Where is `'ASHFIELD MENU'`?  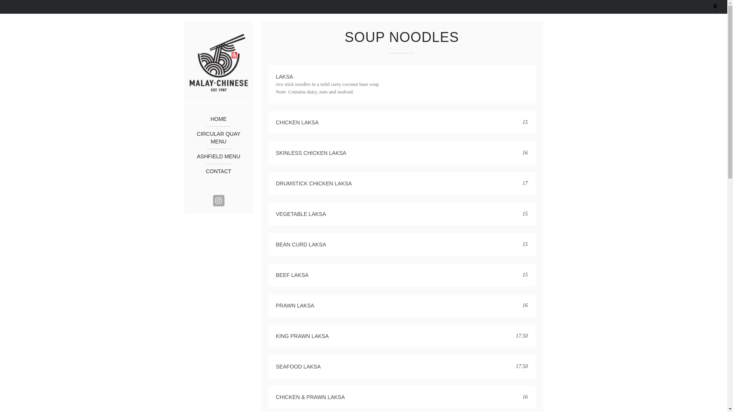
'ASHFIELD MENU' is located at coordinates (192, 156).